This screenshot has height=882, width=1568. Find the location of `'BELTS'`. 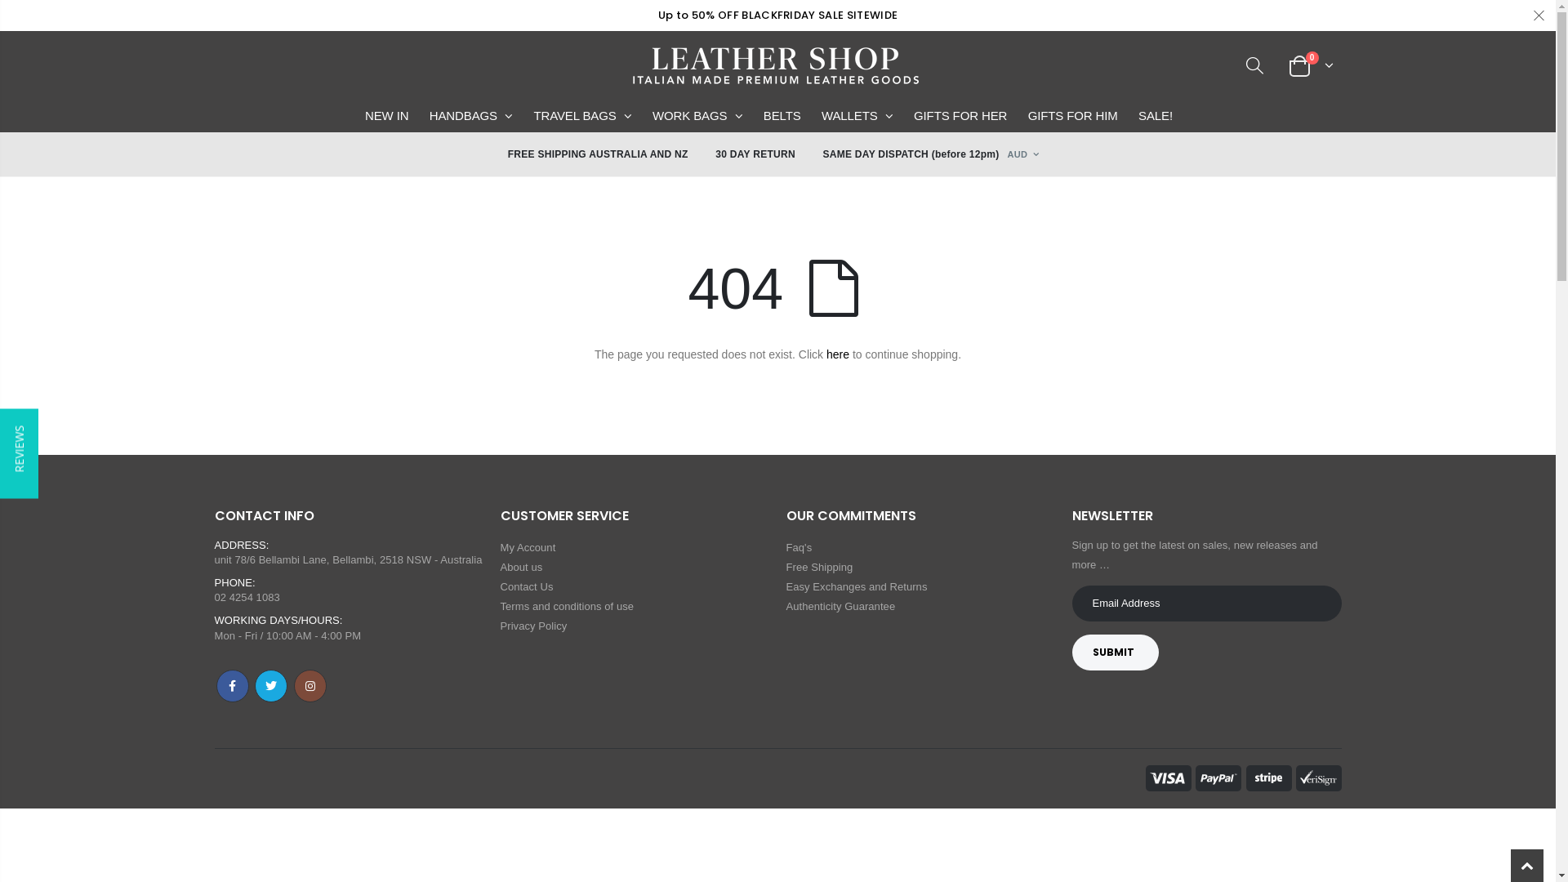

'BELTS' is located at coordinates (791, 110).